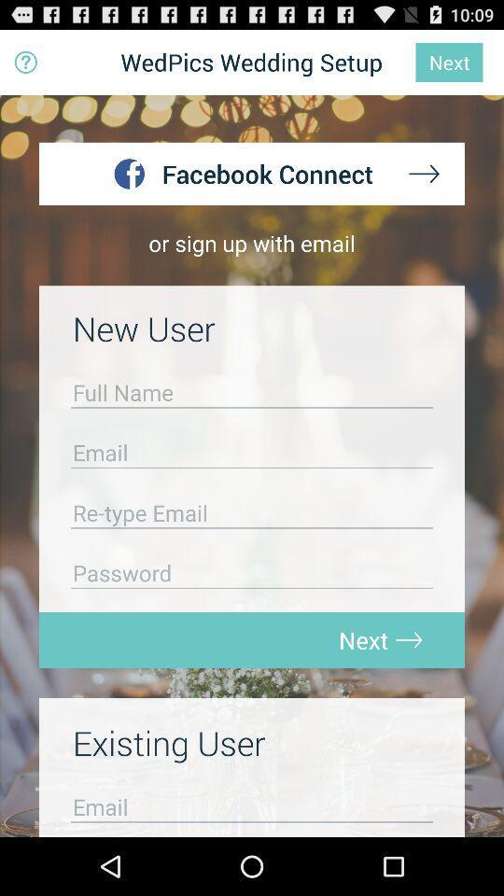 The width and height of the screenshot is (504, 896). I want to click on icon above the or sign up icon, so click(24, 62).